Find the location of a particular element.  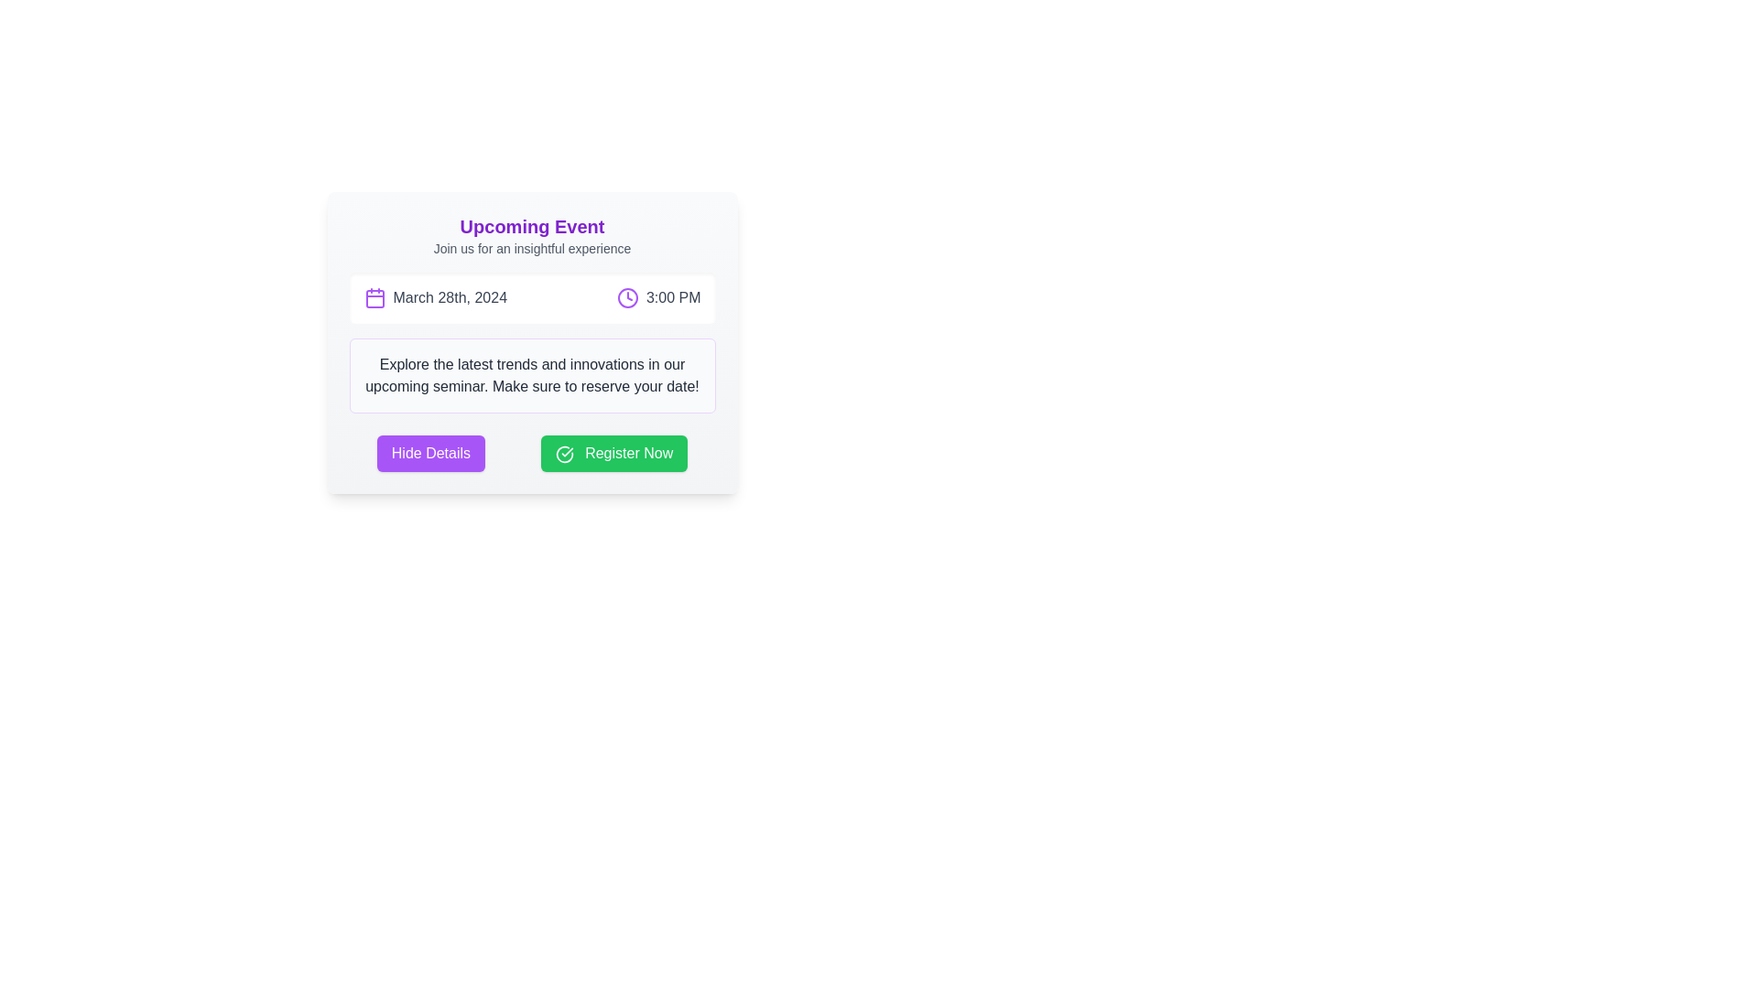

the descriptive text located beneath the 'Upcoming Event' title within its card layout is located at coordinates (531, 249).